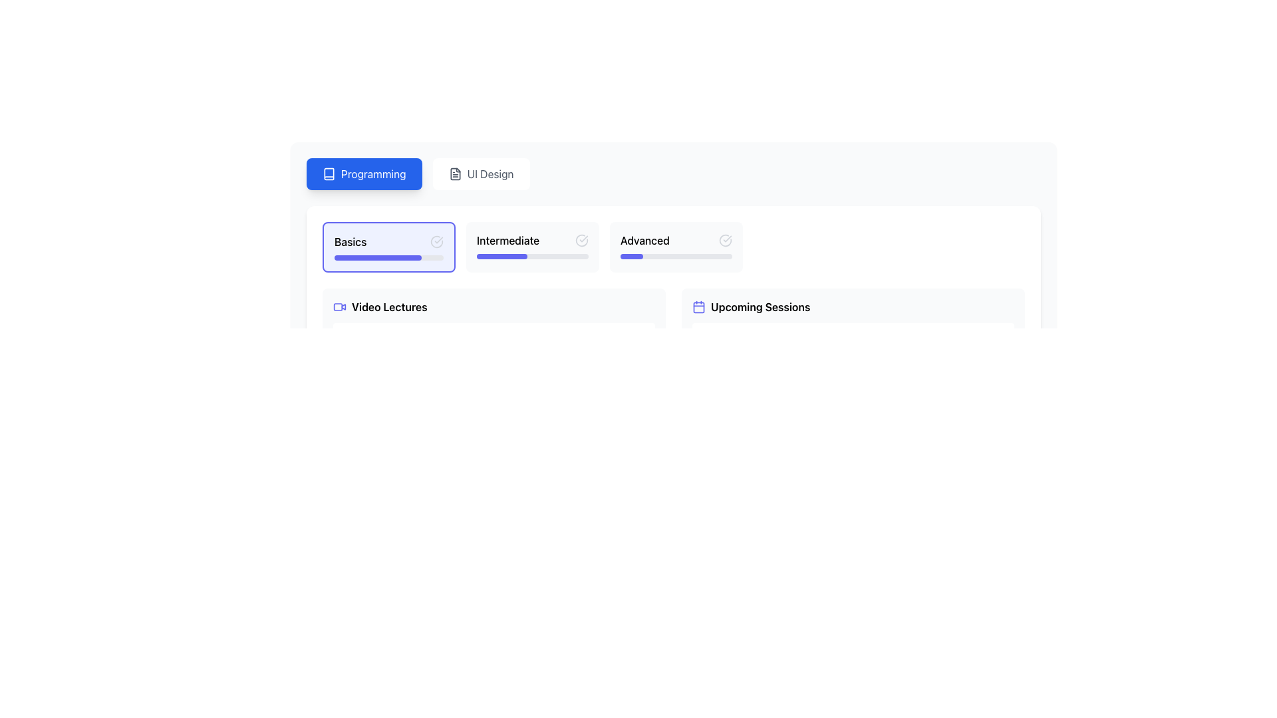 The width and height of the screenshot is (1277, 718). Describe the element at coordinates (388, 258) in the screenshot. I see `the progress bar located within the 'Basics' card, which visually represents the completion status of the 'Basics' section` at that location.